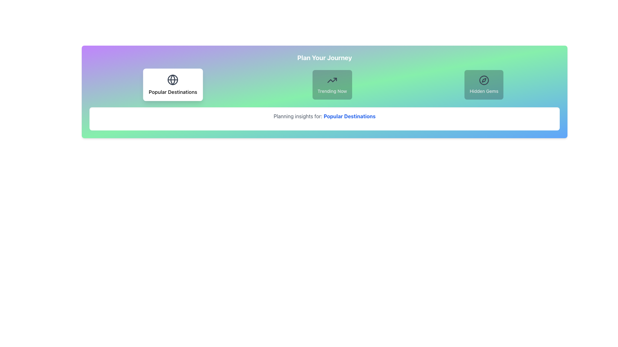 This screenshot has width=618, height=347. Describe the element at coordinates (349, 116) in the screenshot. I see `the blue, bold 'Popular Destinations' text within the section containing 'Planning insights for: Popular Destinations'` at that location.